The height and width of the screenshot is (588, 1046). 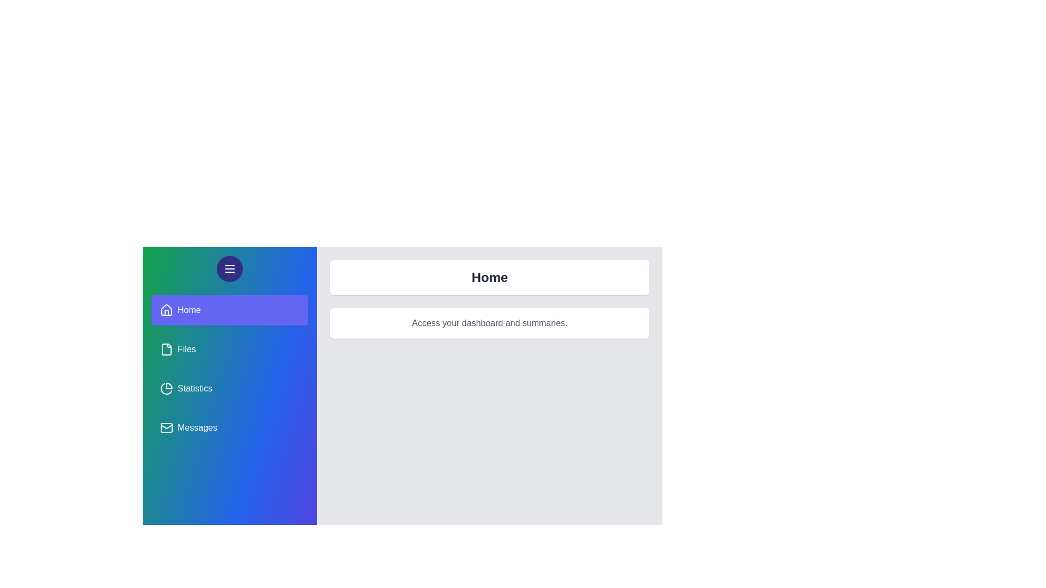 What do you see at coordinates (229, 349) in the screenshot?
I see `the panel named Files from the sidebar` at bounding box center [229, 349].